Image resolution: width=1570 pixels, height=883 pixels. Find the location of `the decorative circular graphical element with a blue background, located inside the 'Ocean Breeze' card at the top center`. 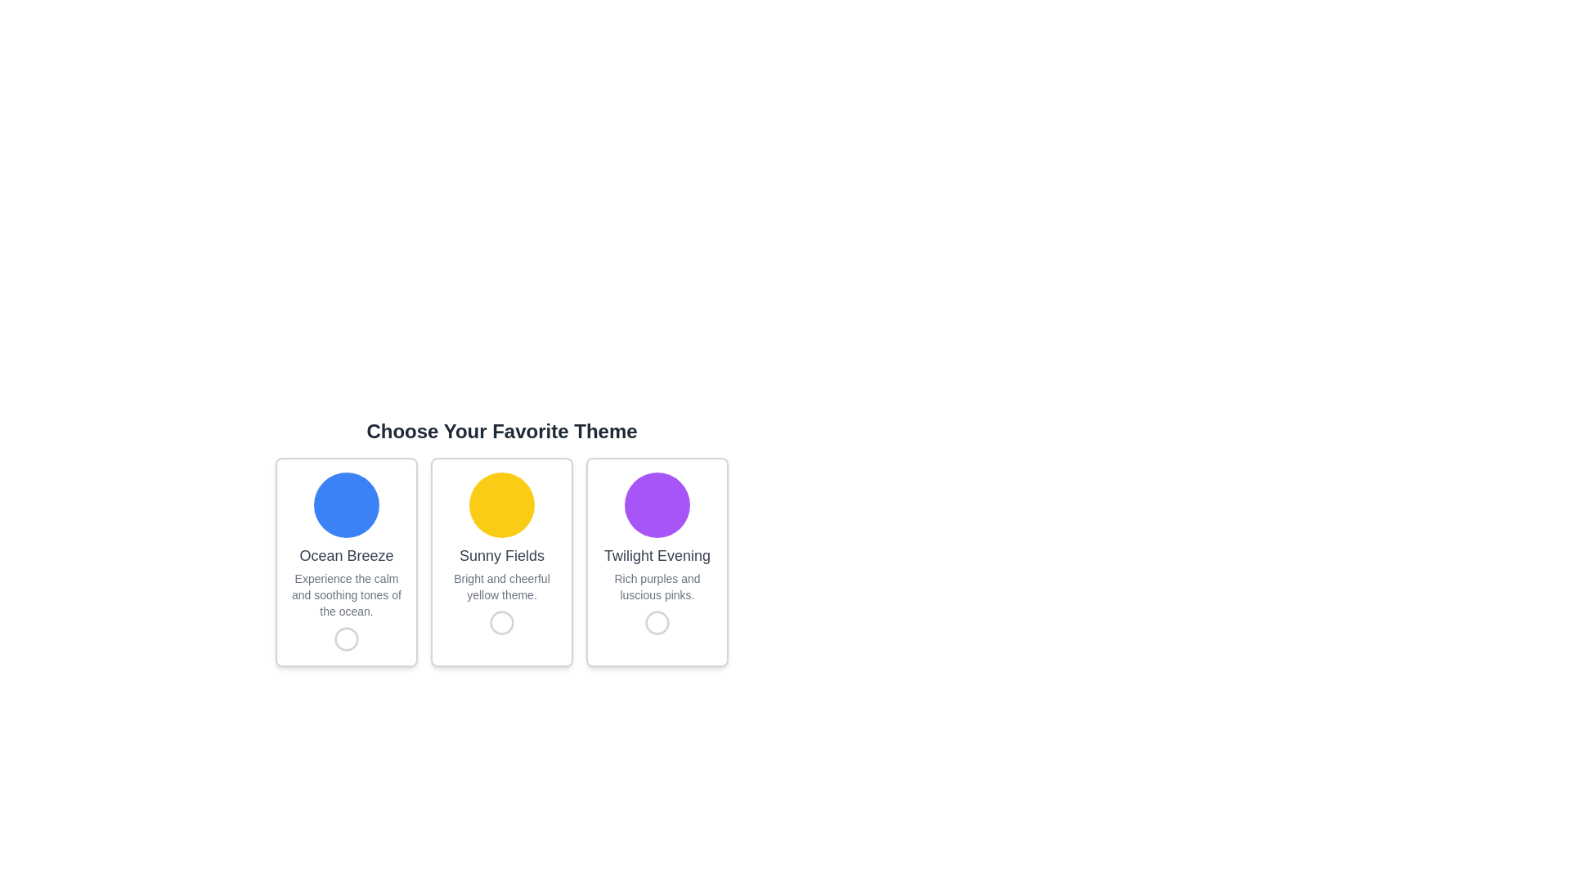

the decorative circular graphical element with a blue background, located inside the 'Ocean Breeze' card at the top center is located at coordinates (345, 504).